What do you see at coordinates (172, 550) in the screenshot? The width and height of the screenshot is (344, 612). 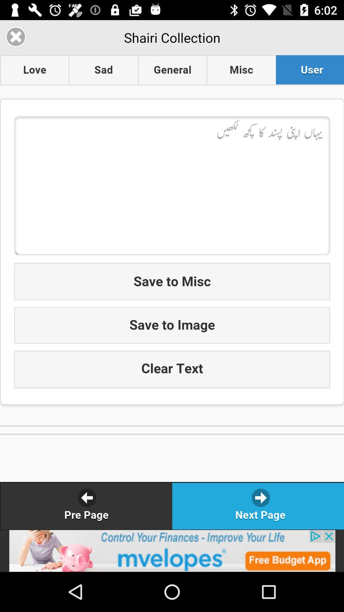 I see `advertisement option` at bounding box center [172, 550].